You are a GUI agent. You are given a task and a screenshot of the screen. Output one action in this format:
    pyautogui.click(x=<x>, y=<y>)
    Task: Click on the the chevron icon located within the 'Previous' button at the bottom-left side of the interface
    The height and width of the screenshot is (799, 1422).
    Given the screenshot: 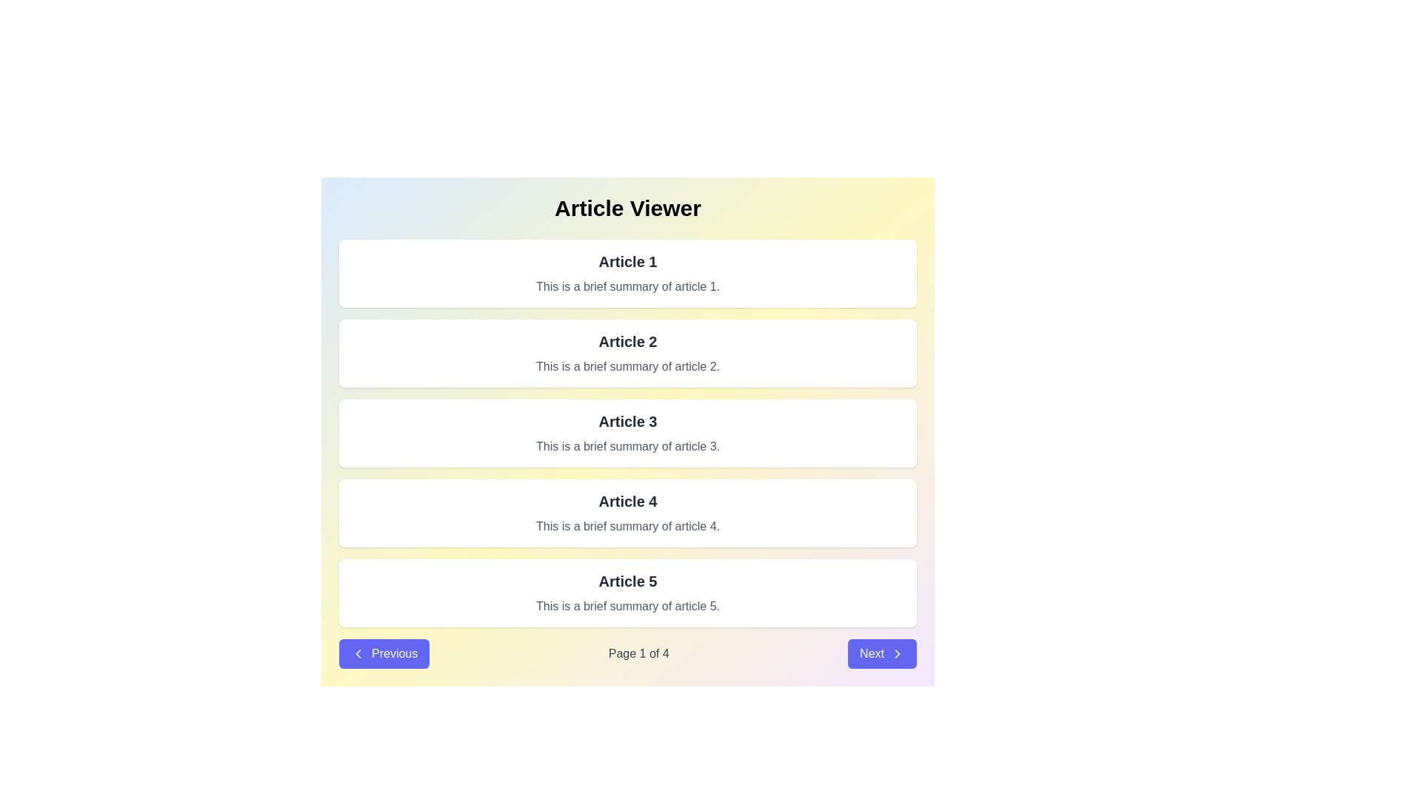 What is the action you would take?
    pyautogui.click(x=358, y=653)
    